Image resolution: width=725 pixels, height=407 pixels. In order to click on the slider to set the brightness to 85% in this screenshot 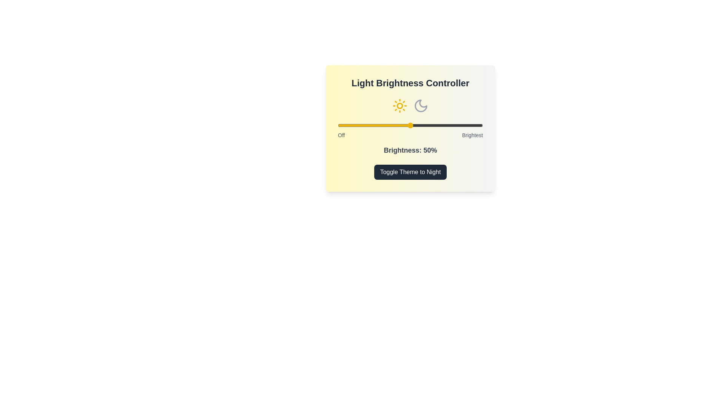, I will do `click(461, 125)`.